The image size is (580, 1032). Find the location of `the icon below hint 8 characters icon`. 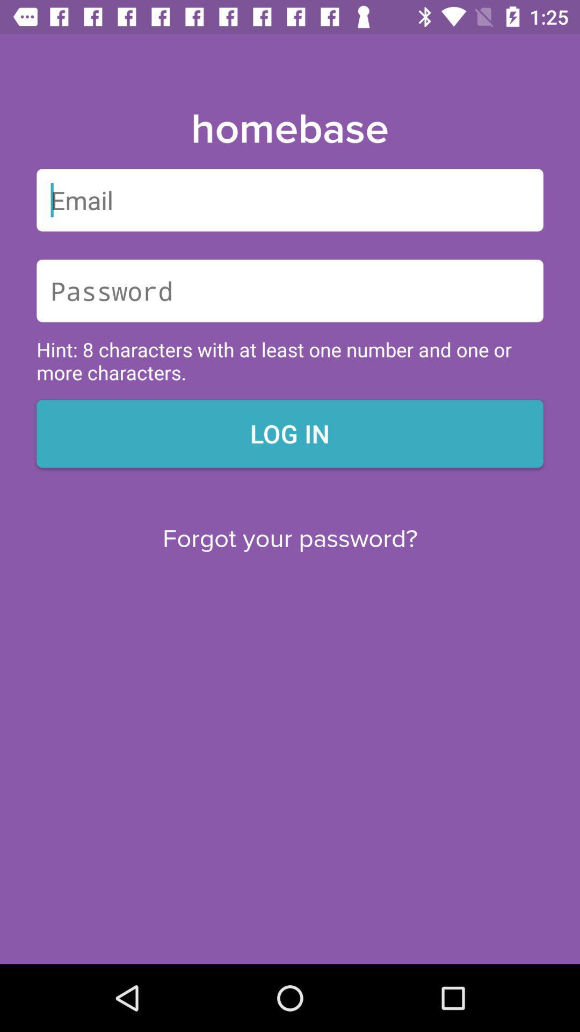

the icon below hint 8 characters icon is located at coordinates (290, 433).